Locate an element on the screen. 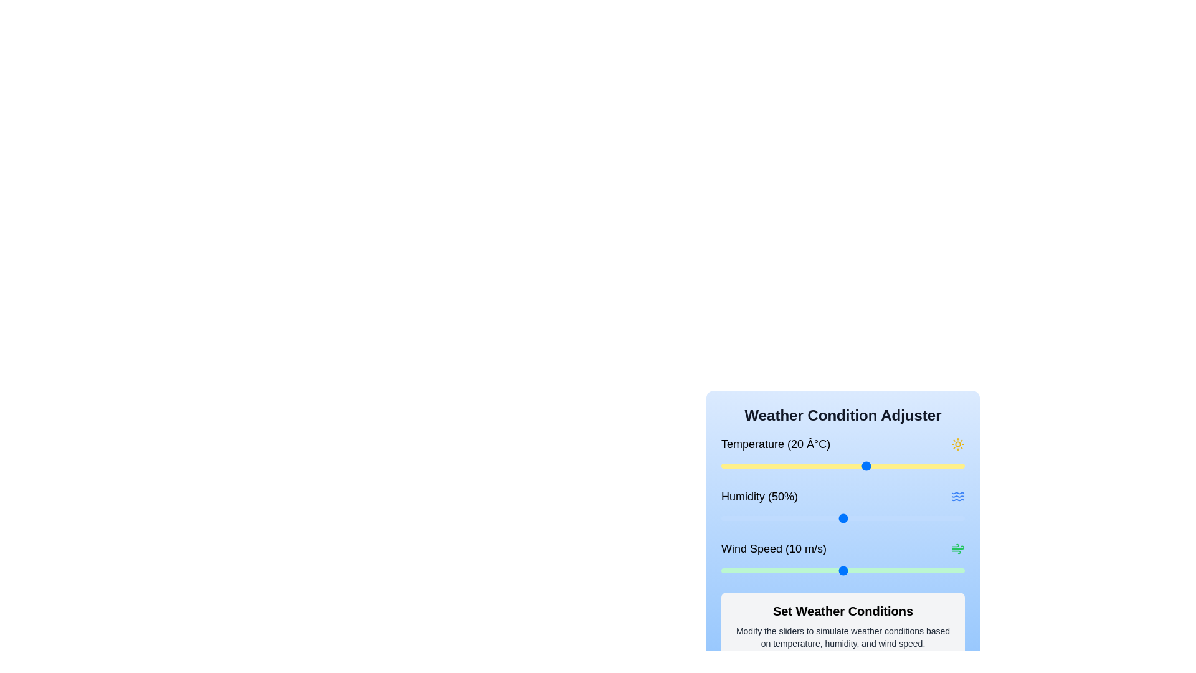 This screenshot has width=1196, height=673. the humidity slider to set the humidity to 3% is located at coordinates (728, 518).